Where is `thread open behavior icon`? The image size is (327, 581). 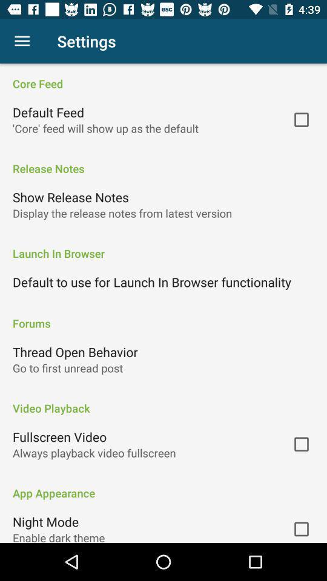
thread open behavior icon is located at coordinates (75, 352).